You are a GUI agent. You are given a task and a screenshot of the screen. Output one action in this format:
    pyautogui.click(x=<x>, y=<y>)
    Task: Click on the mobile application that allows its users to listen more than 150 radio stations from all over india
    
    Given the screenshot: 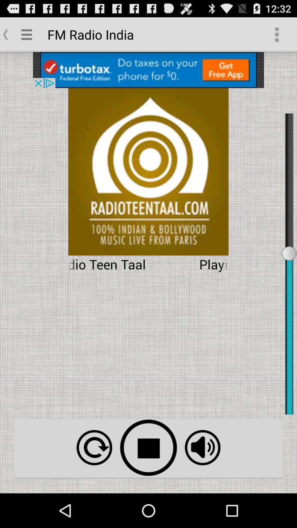 What is the action you would take?
    pyautogui.click(x=202, y=447)
    